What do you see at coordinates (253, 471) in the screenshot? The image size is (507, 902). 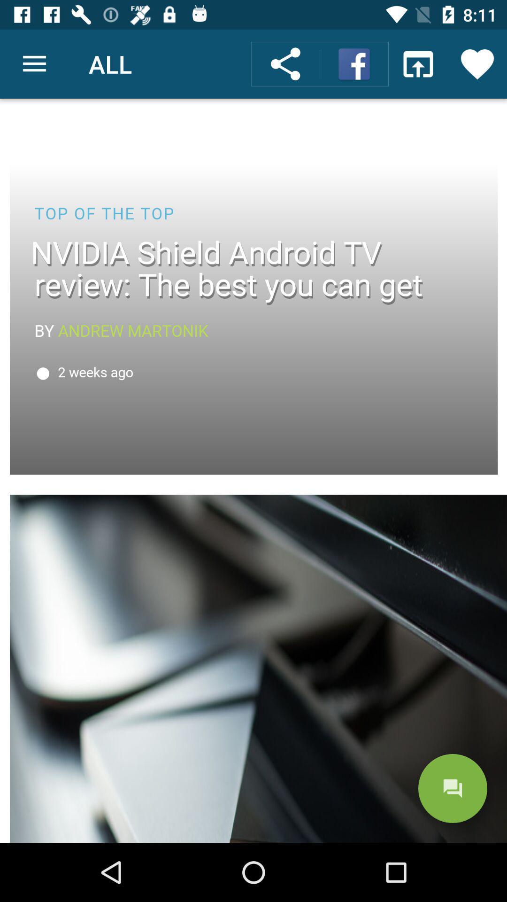 I see `web page and application page` at bounding box center [253, 471].